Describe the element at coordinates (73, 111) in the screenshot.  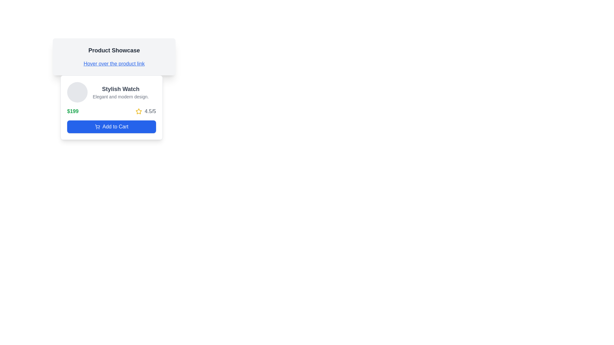
I see `the green, bold text label displaying the price '$199', which is located at the leftmost side of a horizontal layout` at that location.